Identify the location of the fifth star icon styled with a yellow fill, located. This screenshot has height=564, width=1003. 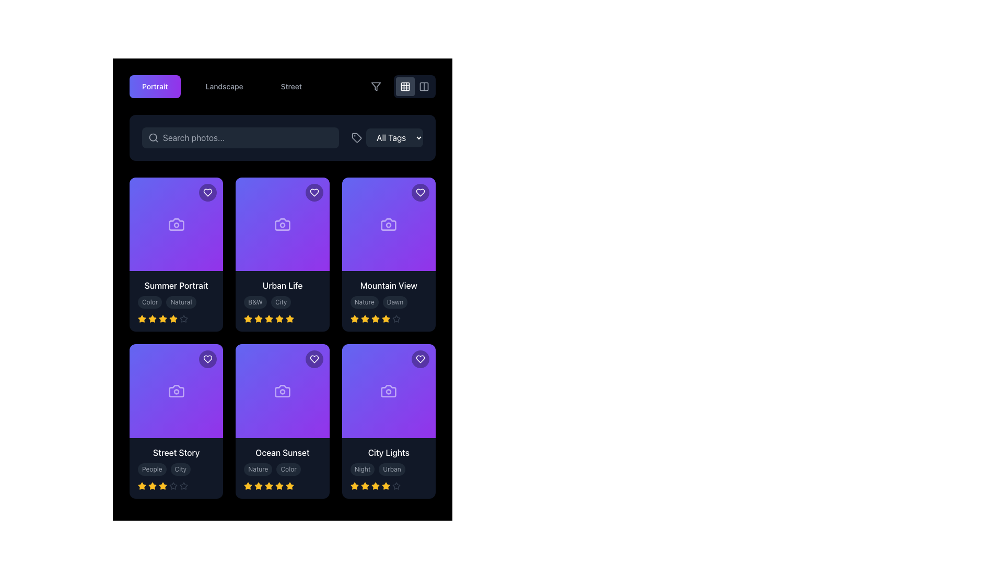
(248, 485).